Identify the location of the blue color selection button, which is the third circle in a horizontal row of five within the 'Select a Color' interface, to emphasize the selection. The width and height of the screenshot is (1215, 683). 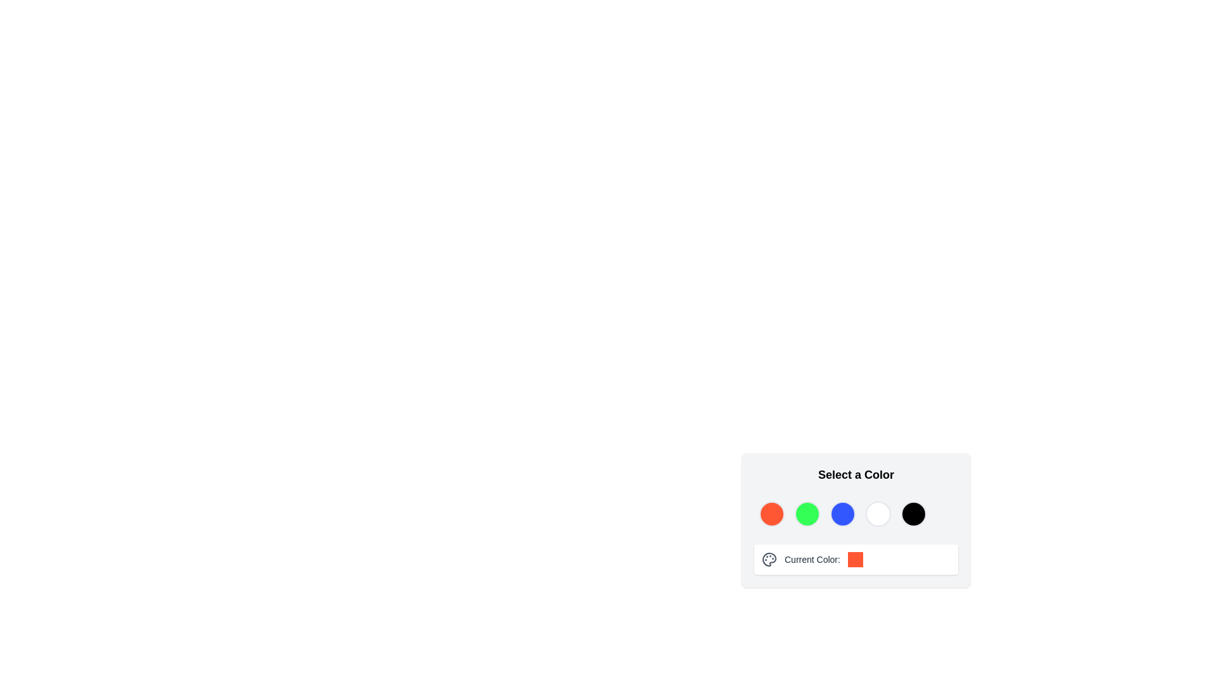
(842, 514).